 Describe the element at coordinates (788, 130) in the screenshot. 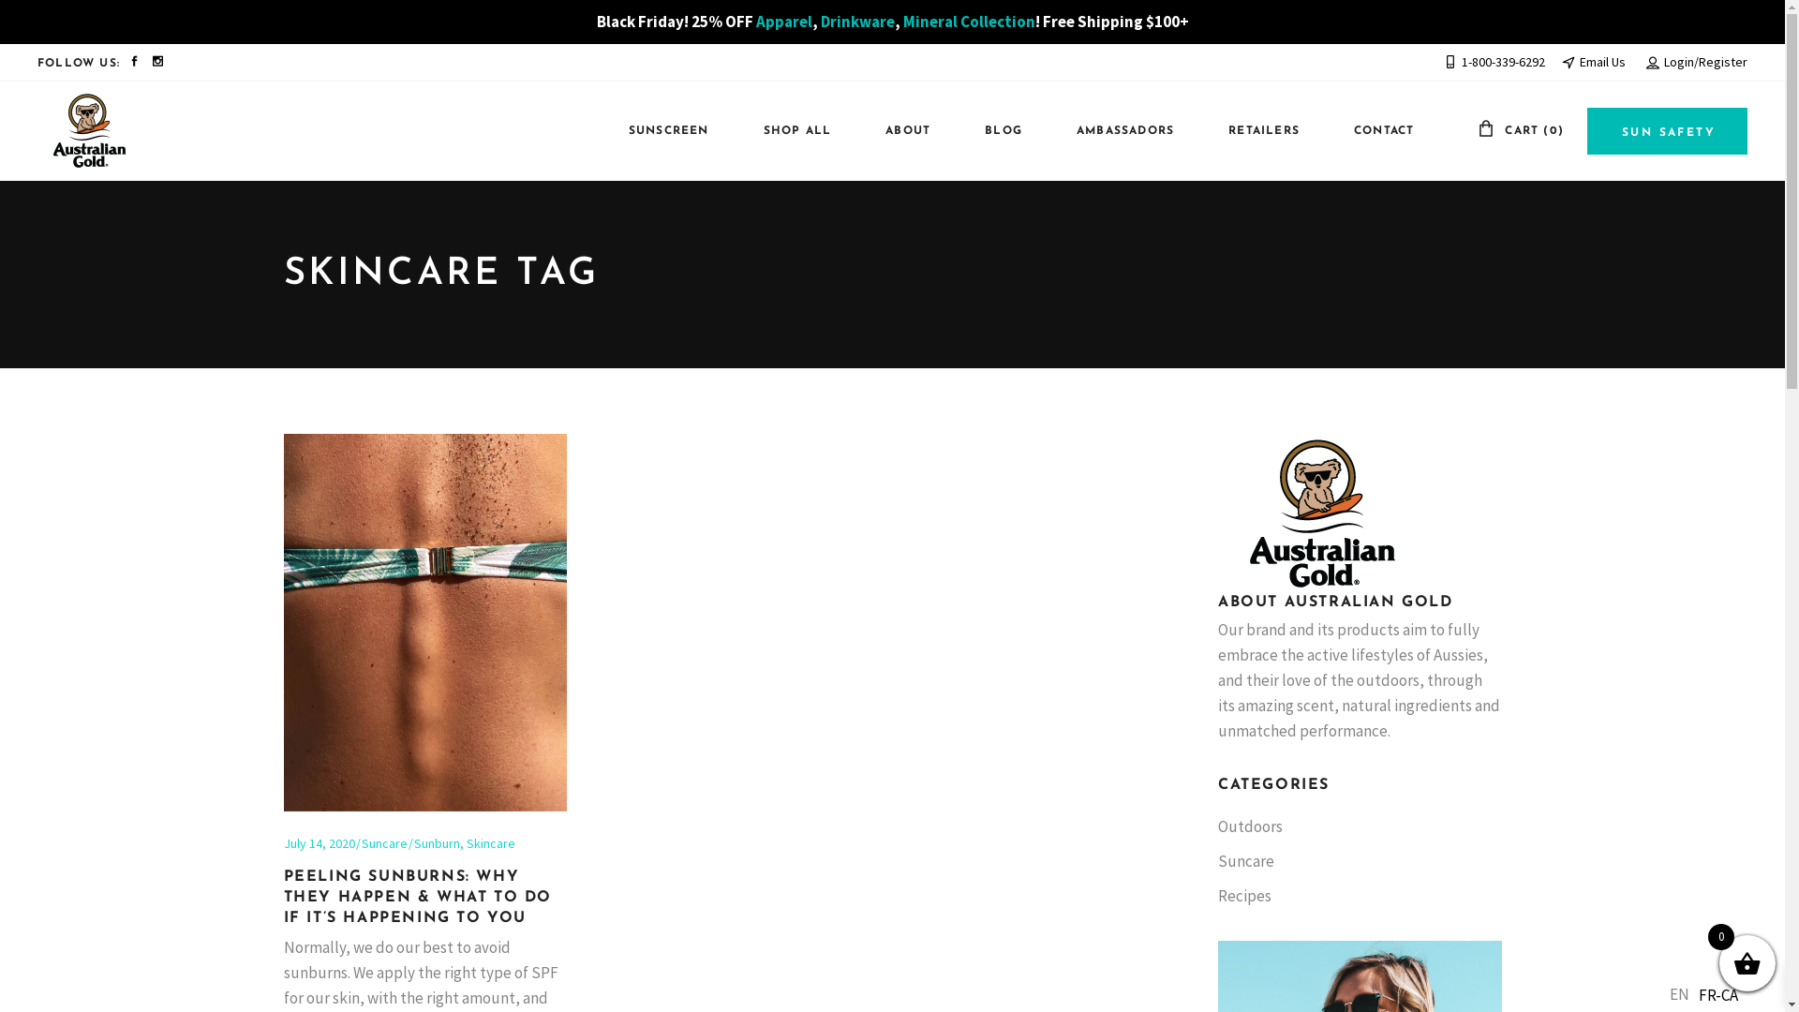

I see `'SHOP ALL'` at that location.